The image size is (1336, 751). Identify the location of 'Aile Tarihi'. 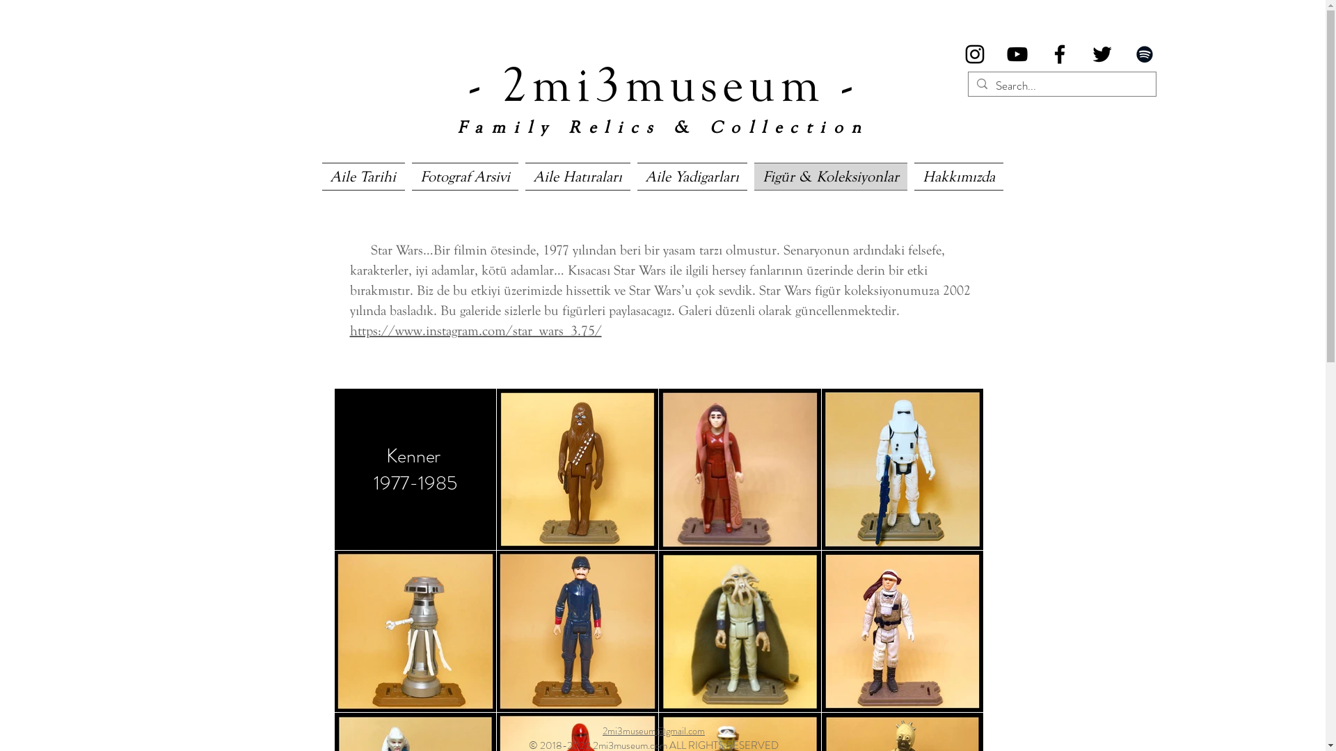
(364, 176).